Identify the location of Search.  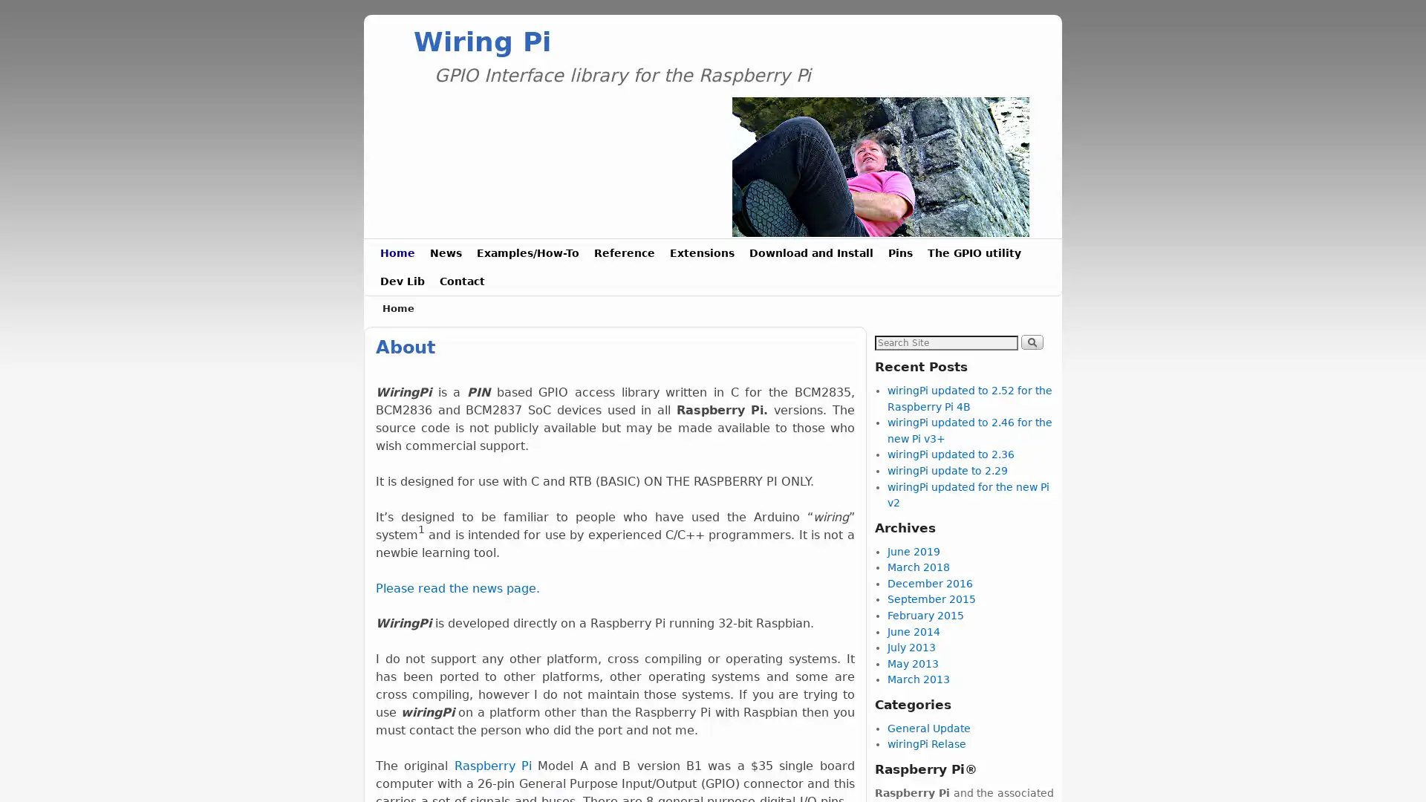
(1030, 341).